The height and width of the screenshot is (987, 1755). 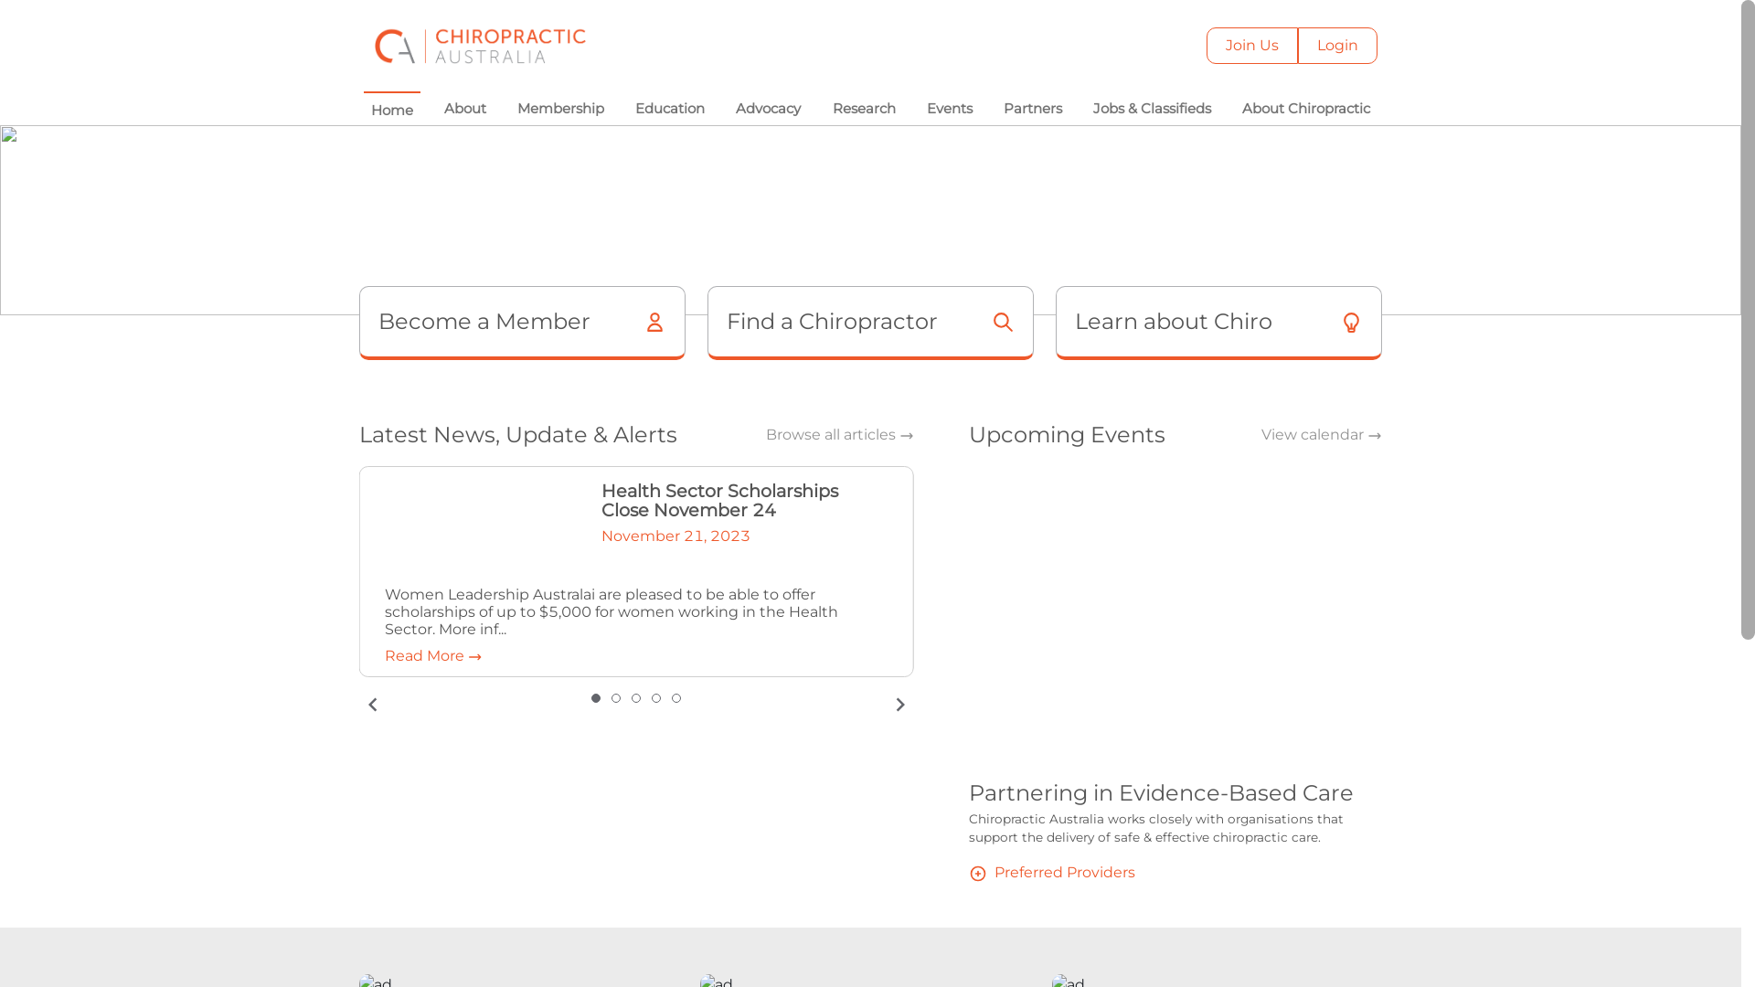 What do you see at coordinates (1218, 322) in the screenshot?
I see `'Learn about Chiro'` at bounding box center [1218, 322].